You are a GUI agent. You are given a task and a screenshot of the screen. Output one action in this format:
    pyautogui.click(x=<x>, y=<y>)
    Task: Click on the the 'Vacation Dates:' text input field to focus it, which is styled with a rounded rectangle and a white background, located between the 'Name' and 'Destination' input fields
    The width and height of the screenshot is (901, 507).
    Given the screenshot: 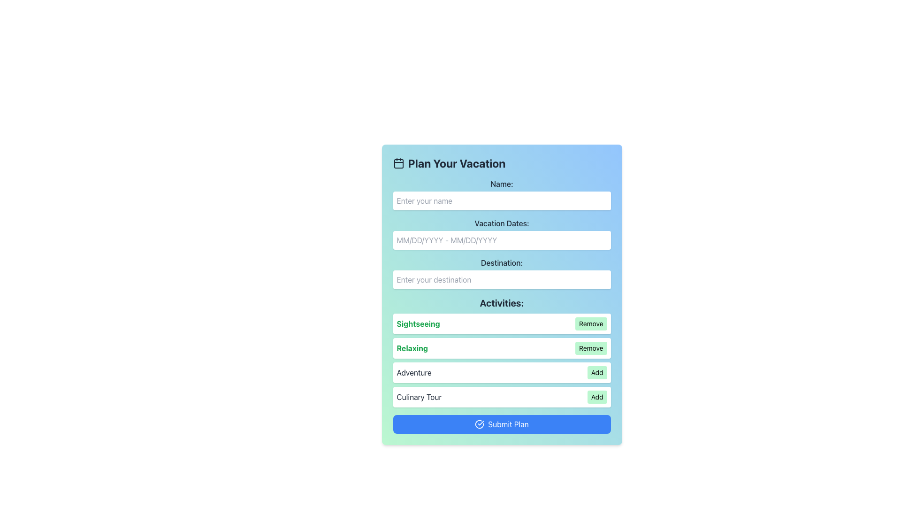 What is the action you would take?
    pyautogui.click(x=501, y=233)
    